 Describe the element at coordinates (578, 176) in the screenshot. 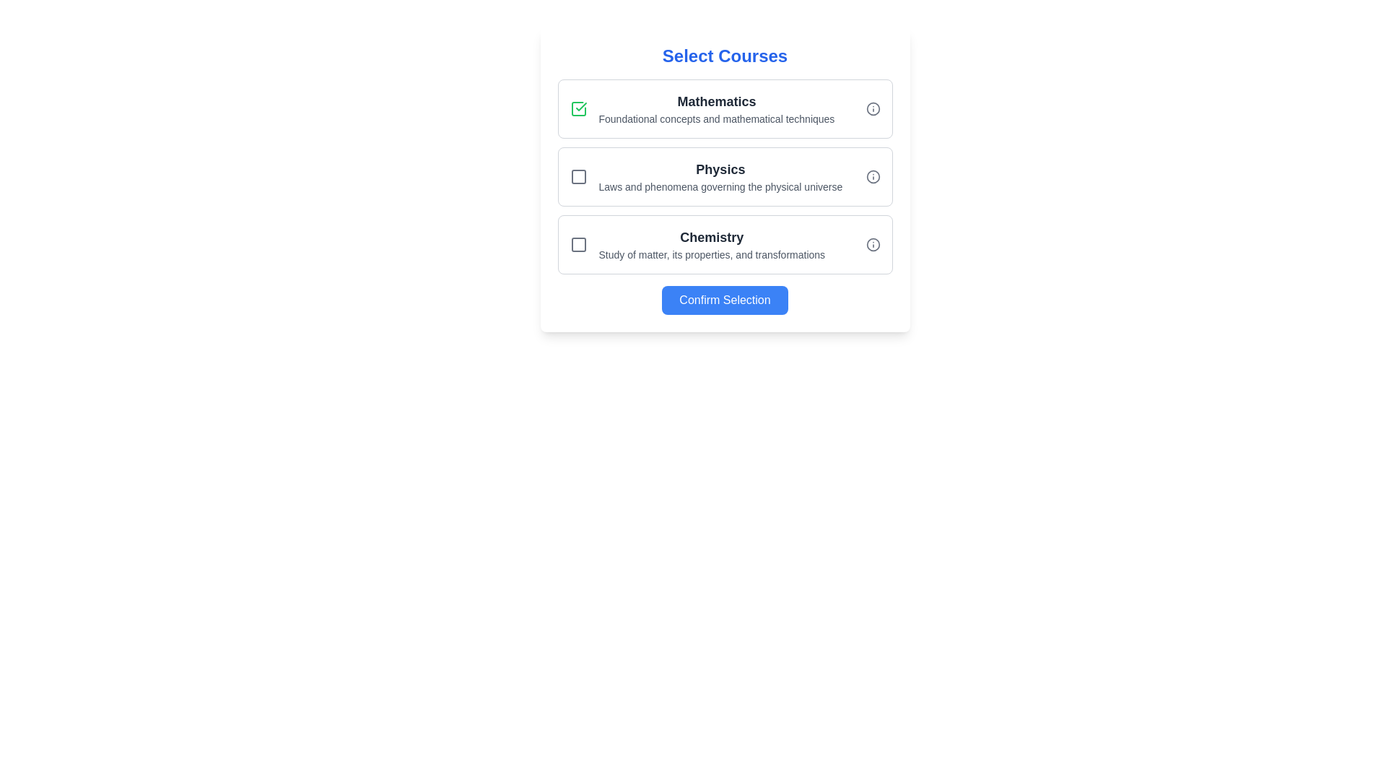

I see `the checkbox for the 'Physics' course selection option, which is a square-shaped icon with a hollow center and a gray border` at that location.